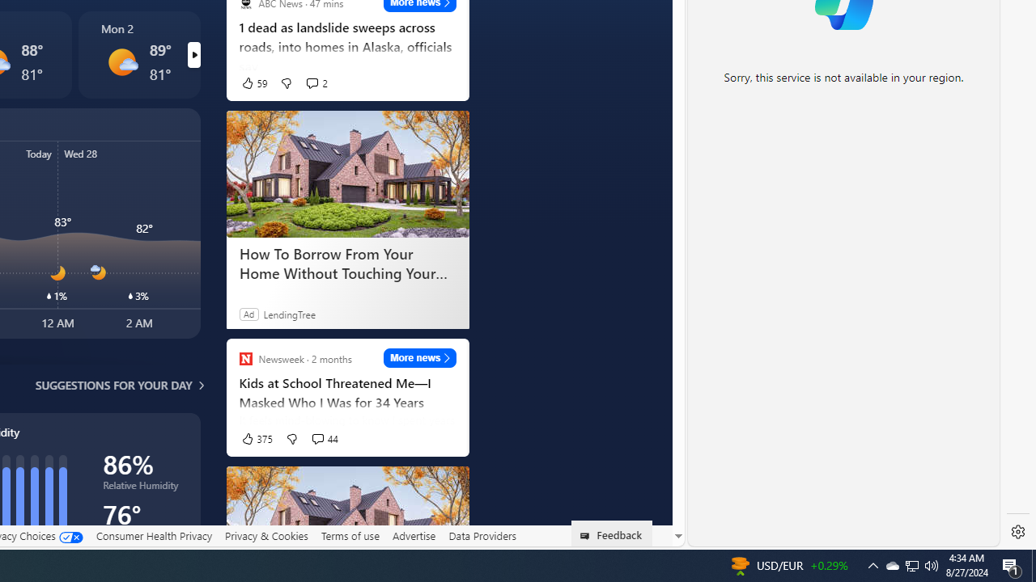  Describe the element at coordinates (154, 535) in the screenshot. I see `'Consumer Health Privacy'` at that location.